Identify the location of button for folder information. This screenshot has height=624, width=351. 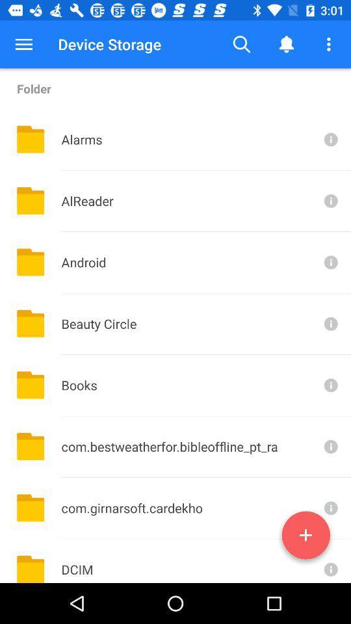
(330, 560).